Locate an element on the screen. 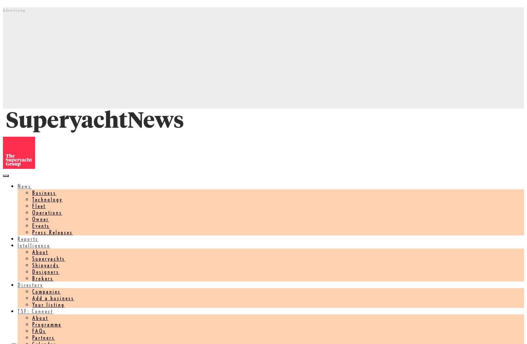 The width and height of the screenshot is (527, 344). 'Your listing' is located at coordinates (32, 304).